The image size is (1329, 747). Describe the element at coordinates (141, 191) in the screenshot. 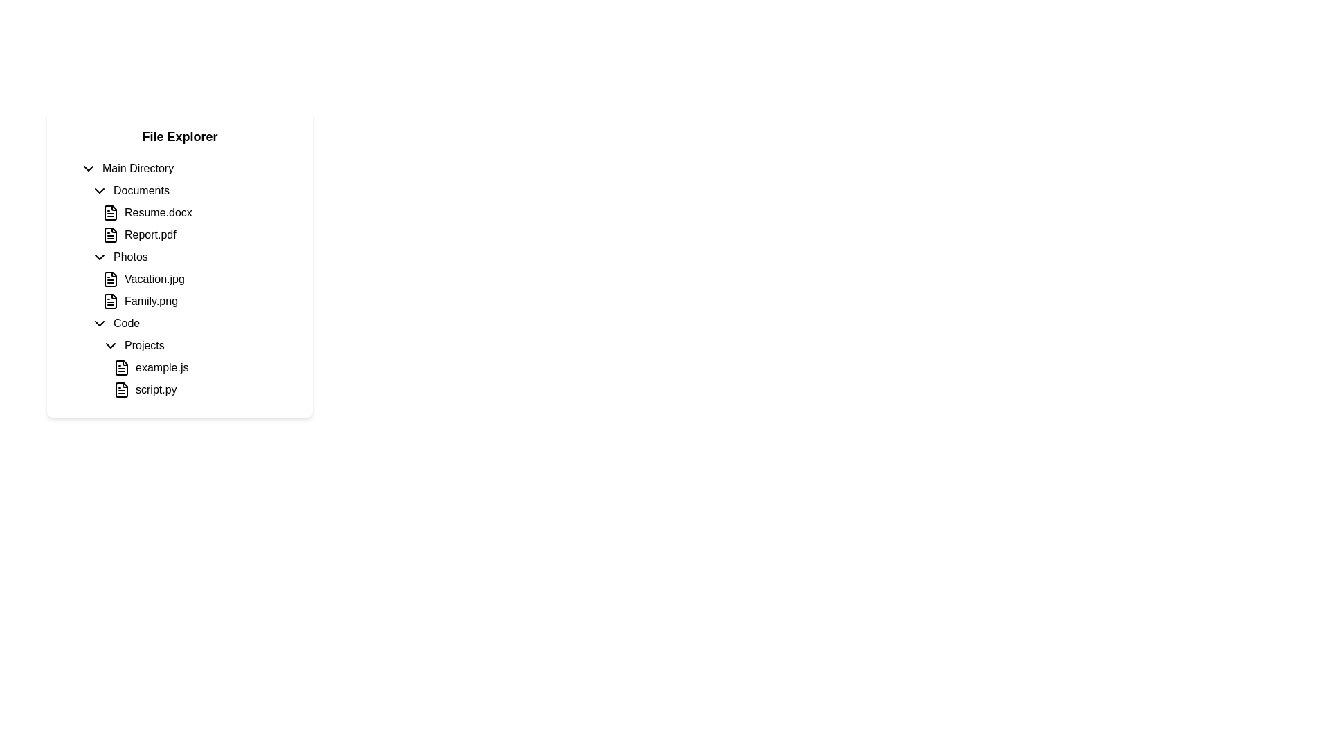

I see `the 'Documents' text label in the left sidebar under 'Main Directory'` at that location.